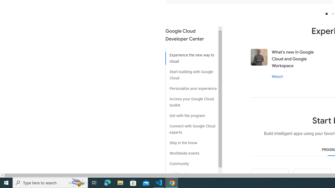  I want to click on 'Additional resources', so click(191, 172).